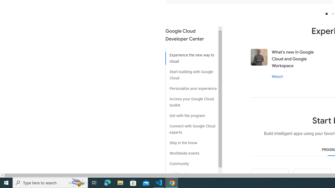  I want to click on 'Additional resources', so click(191, 172).